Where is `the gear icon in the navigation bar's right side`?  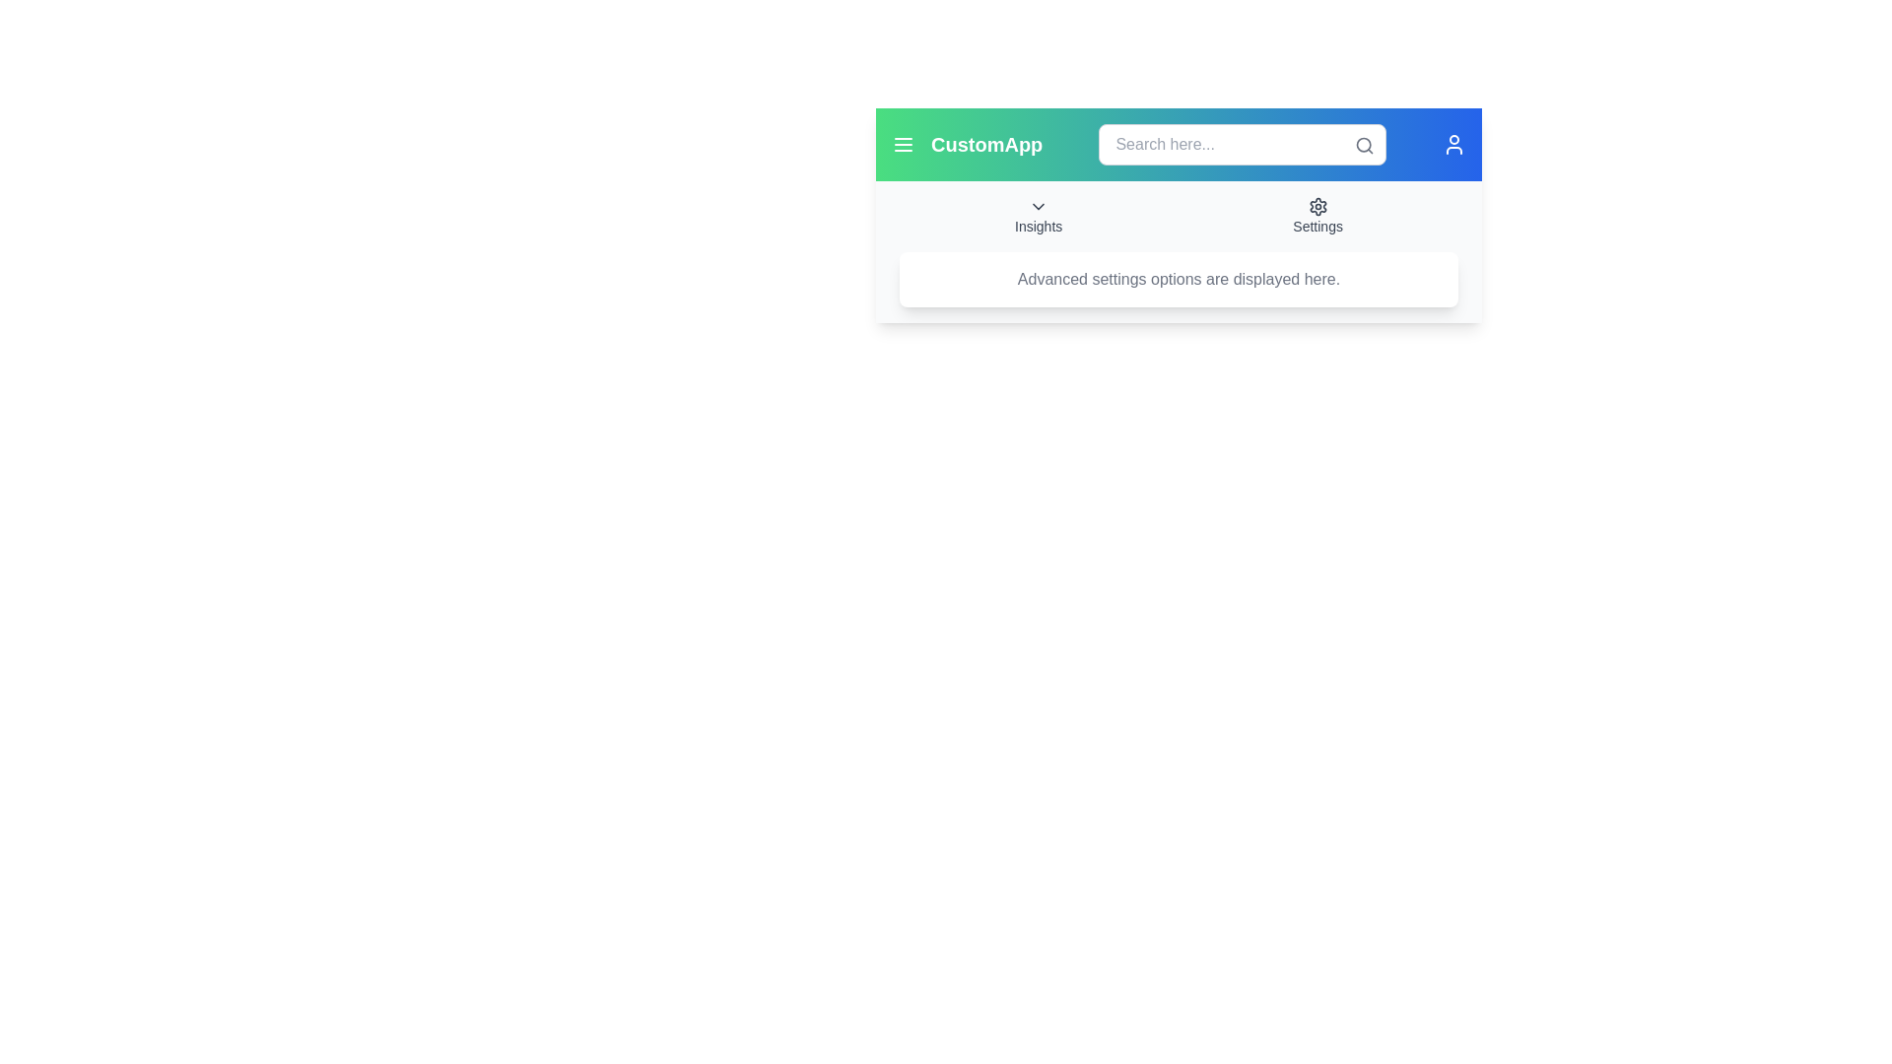
the gear icon in the navigation bar's right side is located at coordinates (1318, 206).